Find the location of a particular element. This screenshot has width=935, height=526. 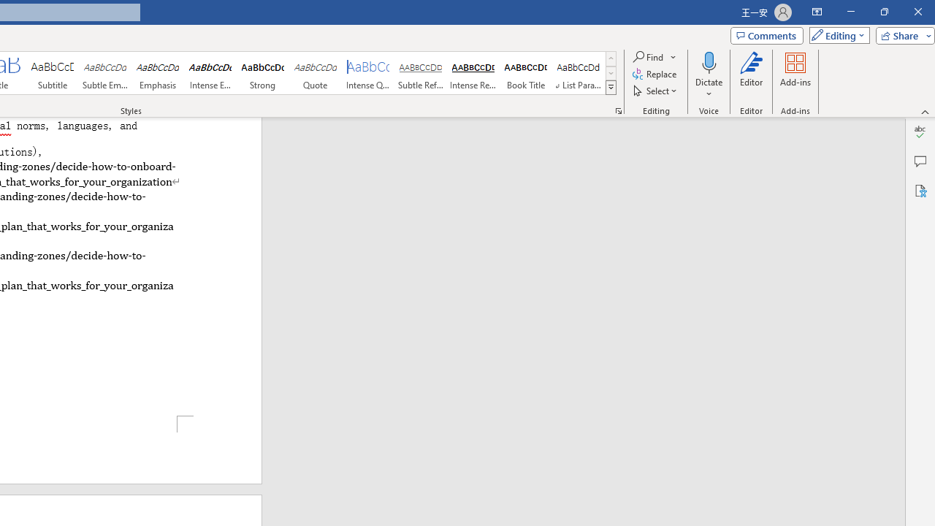

'Emphasis' is located at coordinates (158, 73).